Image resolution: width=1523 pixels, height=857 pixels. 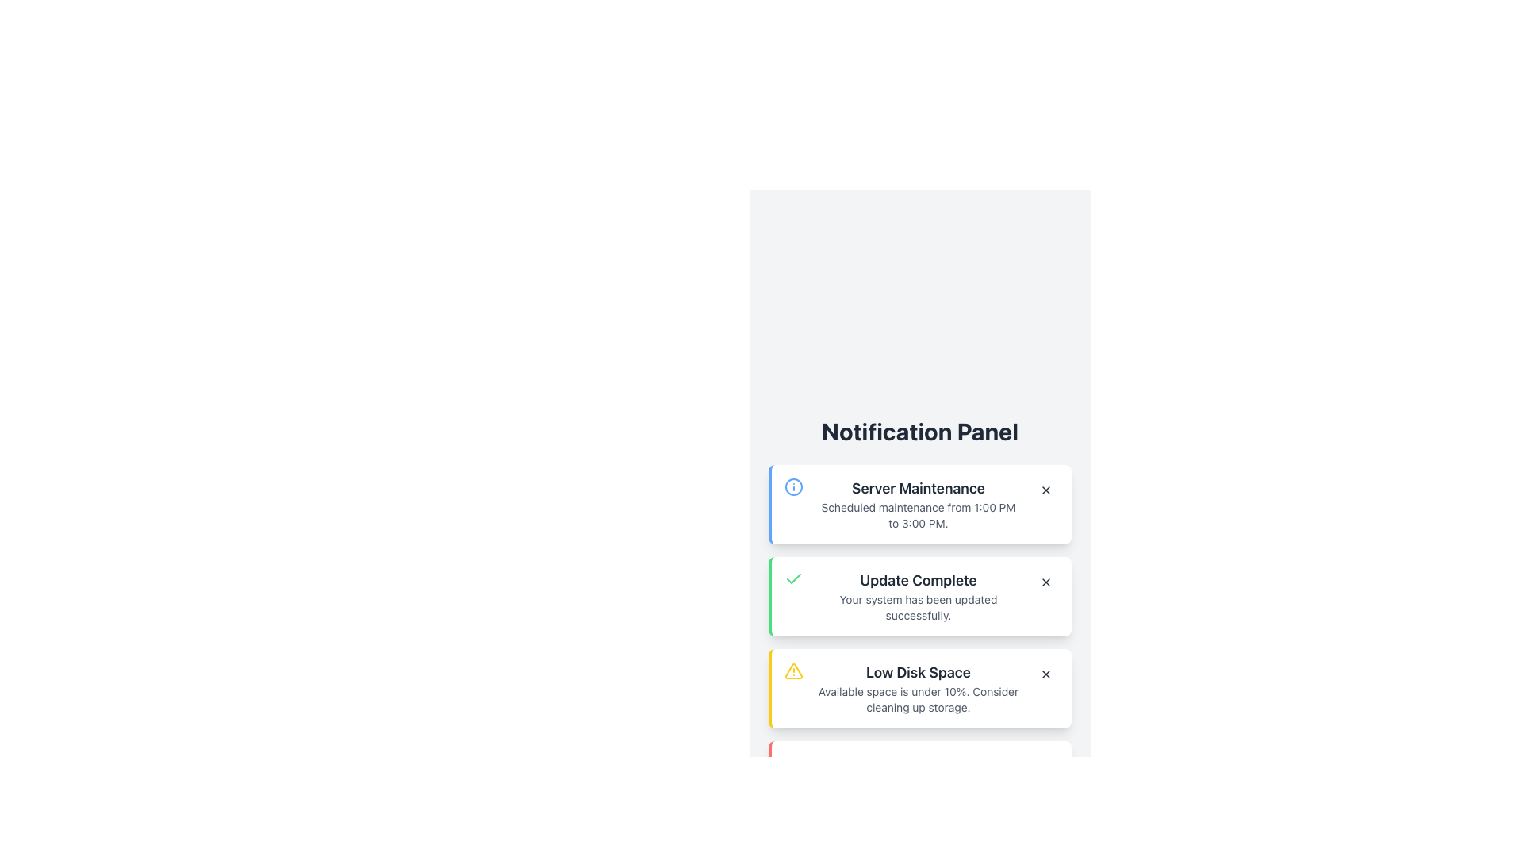 What do you see at coordinates (794, 486) in the screenshot?
I see `the icon element located at the top-left corner of the 'Server Maintenance' card within the notification panel` at bounding box center [794, 486].